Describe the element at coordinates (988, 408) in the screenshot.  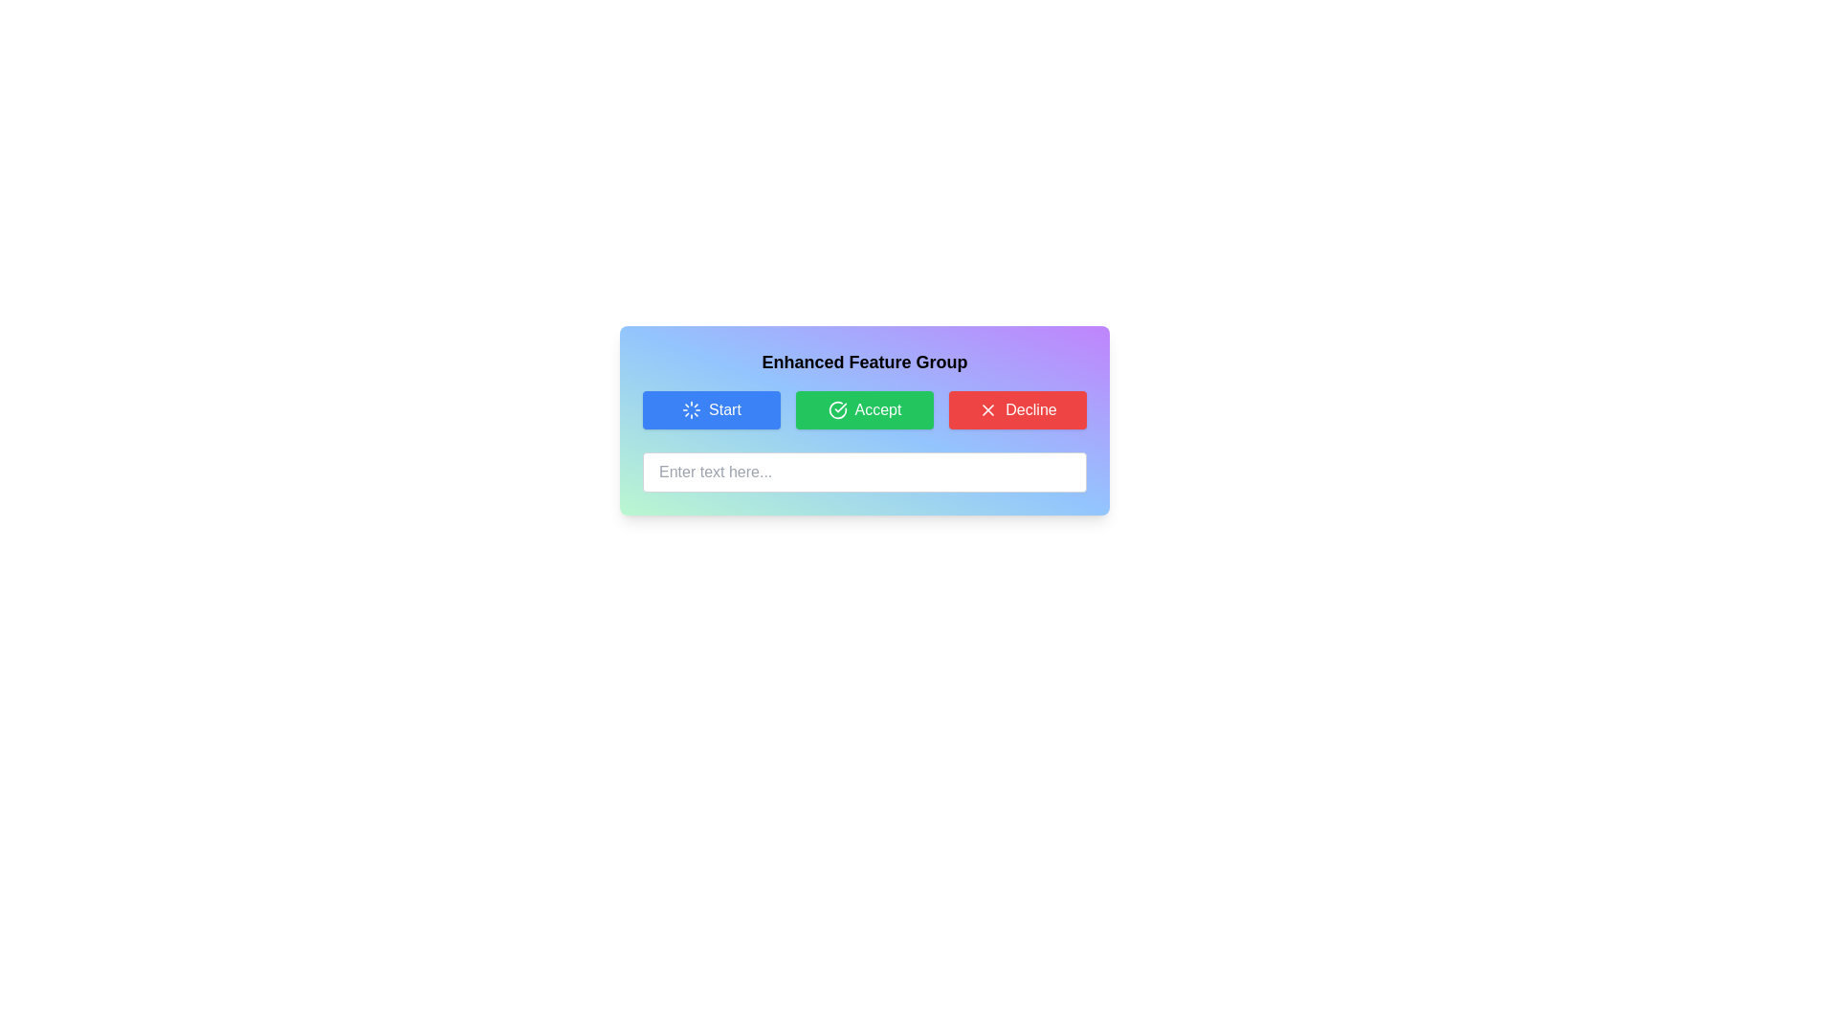
I see `the 'X' icon embedded within the 'Decline' button, which symbolizes a cancellation action` at that location.